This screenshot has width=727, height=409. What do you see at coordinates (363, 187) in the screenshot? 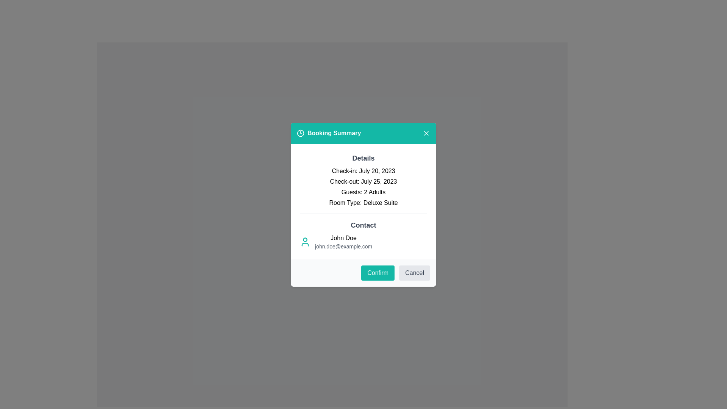
I see `the Informational Text Block displaying booking details including check-in and check-out dates, guest count, and room type, located beneath the 'Details' header` at bounding box center [363, 187].